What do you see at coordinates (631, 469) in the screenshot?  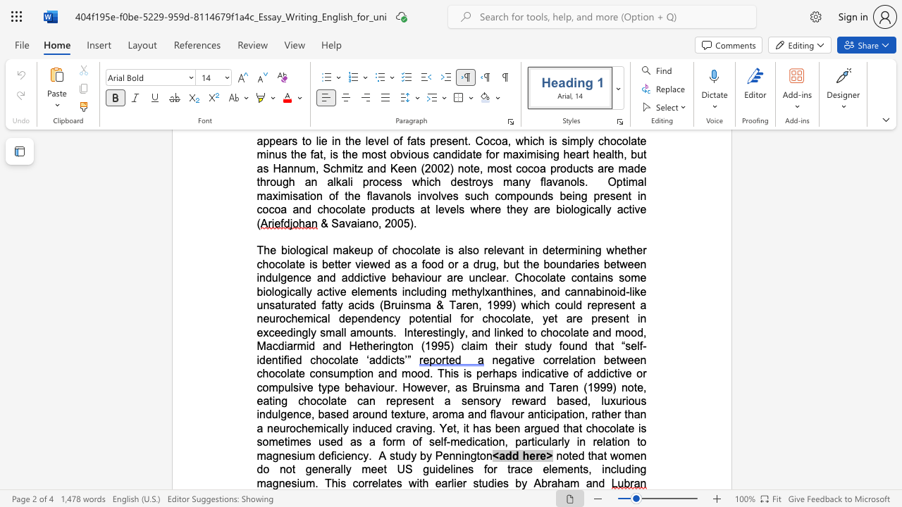 I see `the subset text "ing ma" within the text "US guidelines for trace elements, including magnesium. This correlates with earlier studies by Abraham and"` at bounding box center [631, 469].